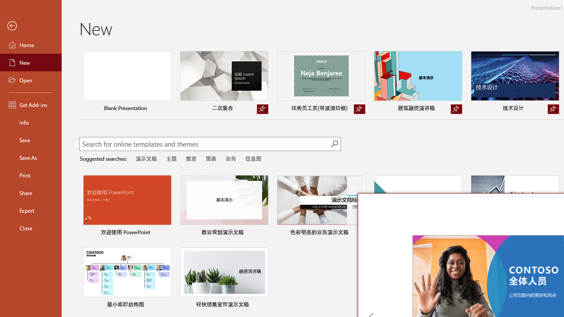 The width and height of the screenshot is (564, 317). Describe the element at coordinates (30, 26) in the screenshot. I see `'Back'` at that location.